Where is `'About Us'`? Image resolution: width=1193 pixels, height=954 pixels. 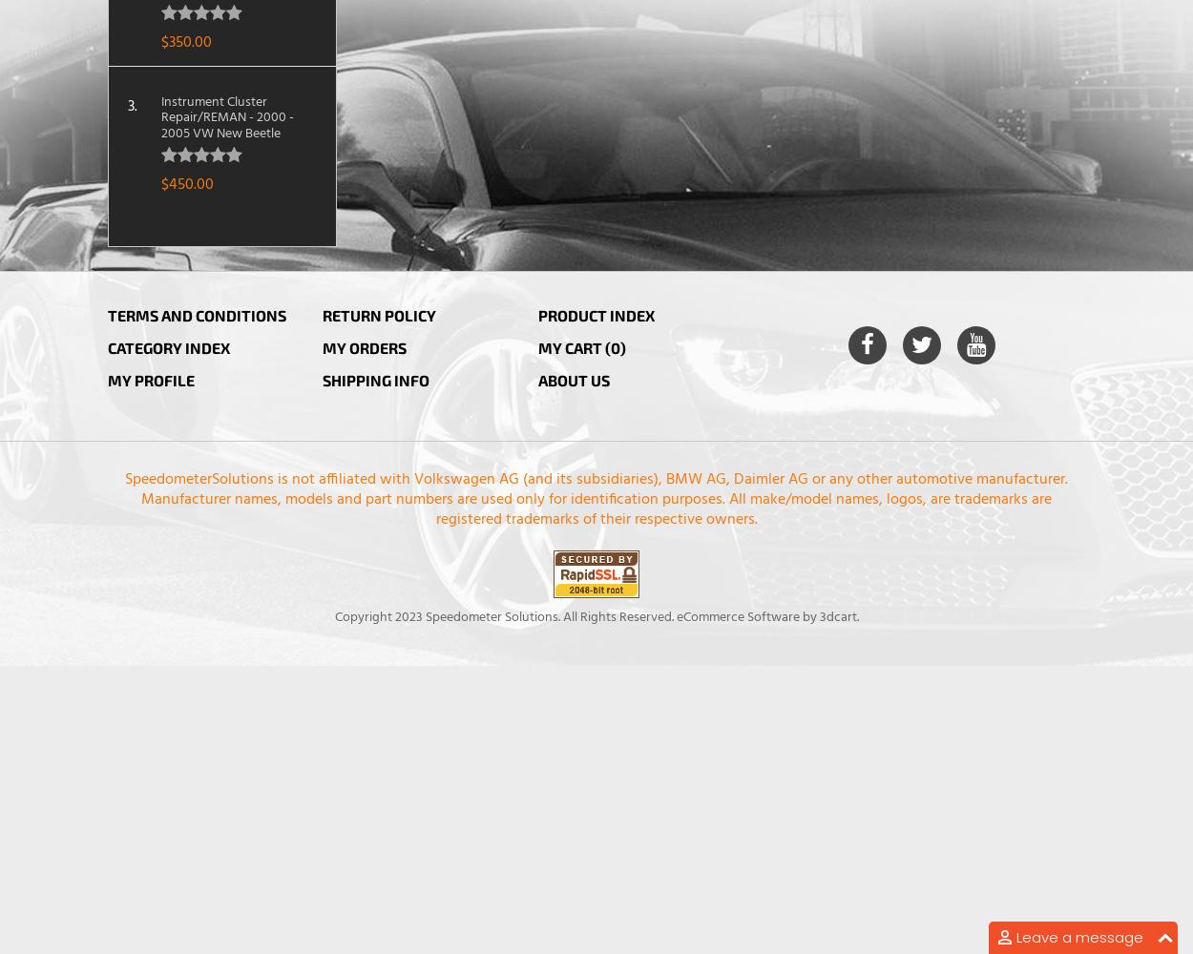 'About Us' is located at coordinates (572, 379).